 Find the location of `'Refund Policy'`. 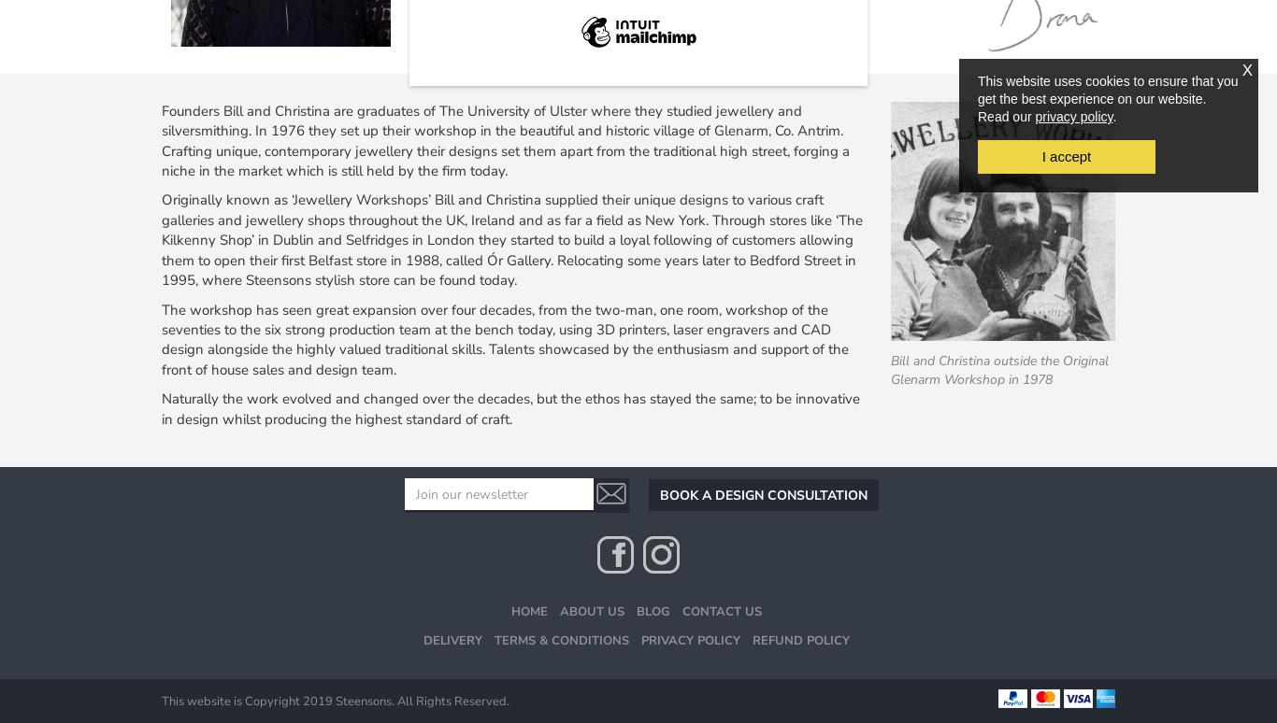

'Refund Policy' is located at coordinates (798, 639).